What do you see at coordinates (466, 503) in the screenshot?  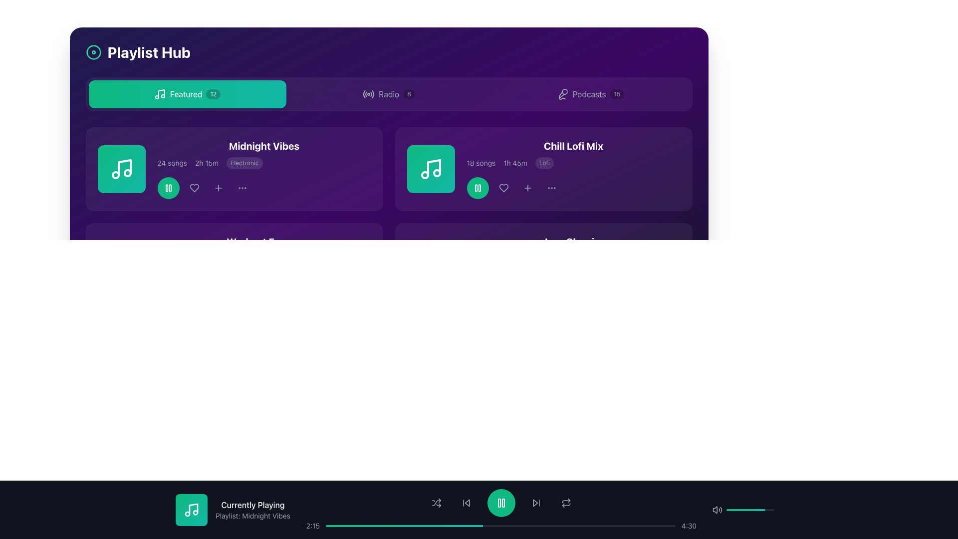 I see `the previous track button located in the center of the bottom control toolbar, positioned to the right of the shuffle button and to the left of the play/pause button` at bounding box center [466, 503].